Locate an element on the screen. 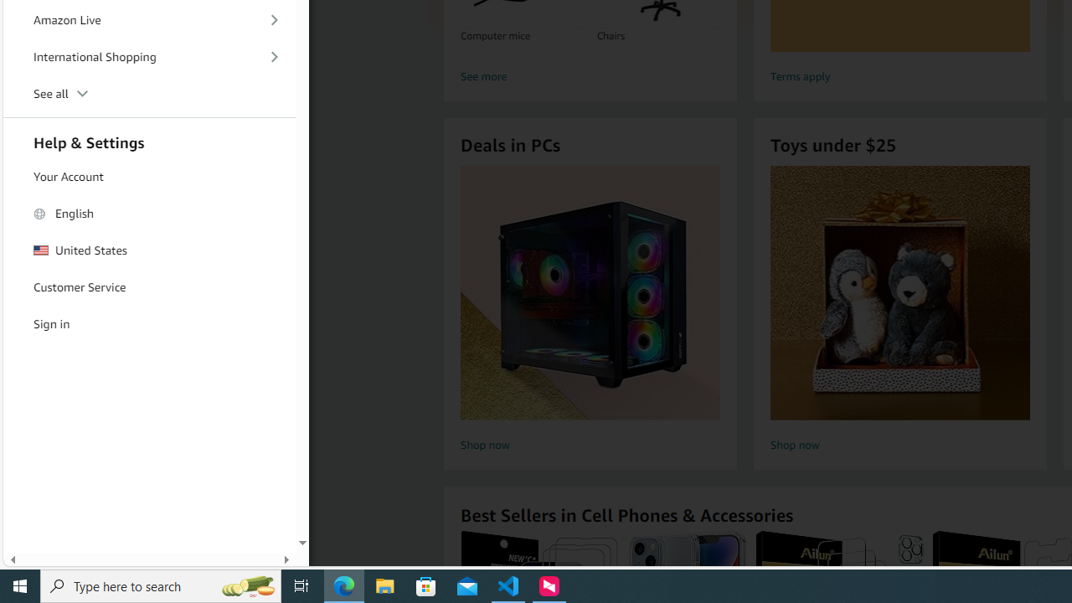 This screenshot has height=603, width=1072. 'United States' is located at coordinates (150, 250).